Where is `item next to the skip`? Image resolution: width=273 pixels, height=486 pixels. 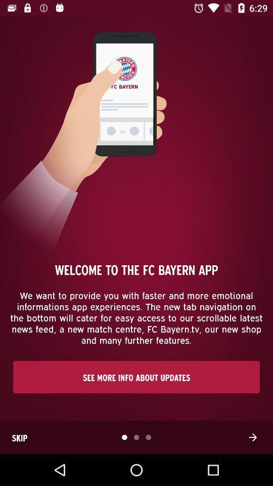
item next to the skip is located at coordinates (252, 437).